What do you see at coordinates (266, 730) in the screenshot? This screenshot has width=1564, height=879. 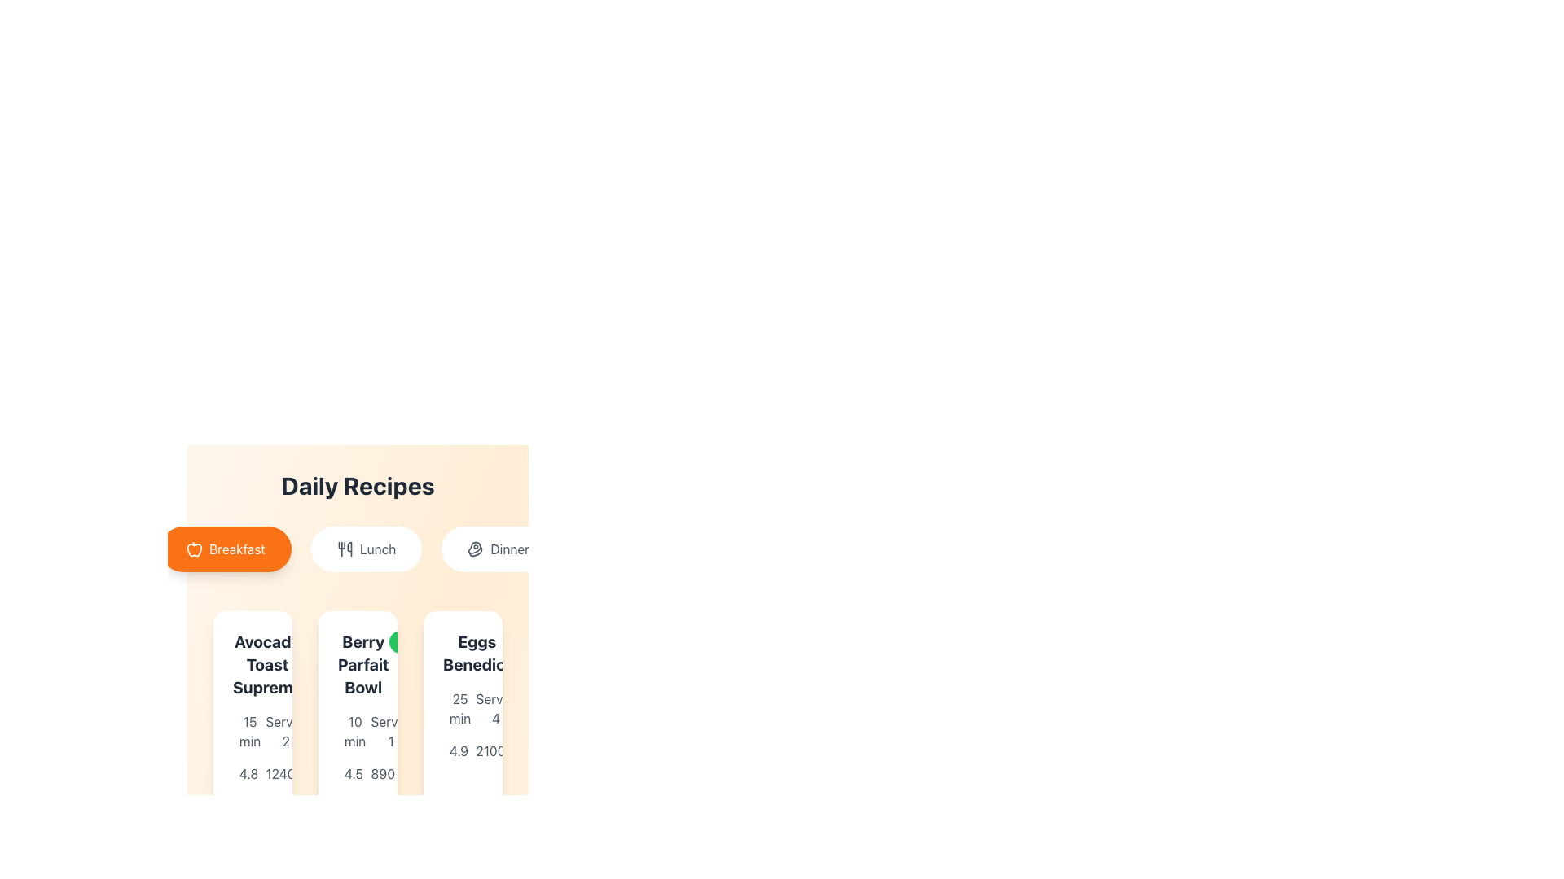 I see `the static text element indicating the serving size for the 'Avocado Toast Supreme' dish, located under the time indicator ('15 min') and above the rating ('4.8')` at bounding box center [266, 730].